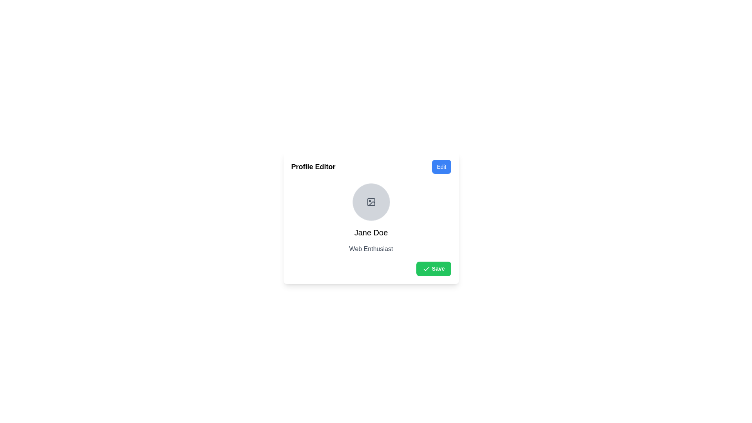 This screenshot has height=423, width=752. I want to click on the button located in the upper-right corner of the 'Profile Editor' section to observe the hover effect, so click(441, 166).